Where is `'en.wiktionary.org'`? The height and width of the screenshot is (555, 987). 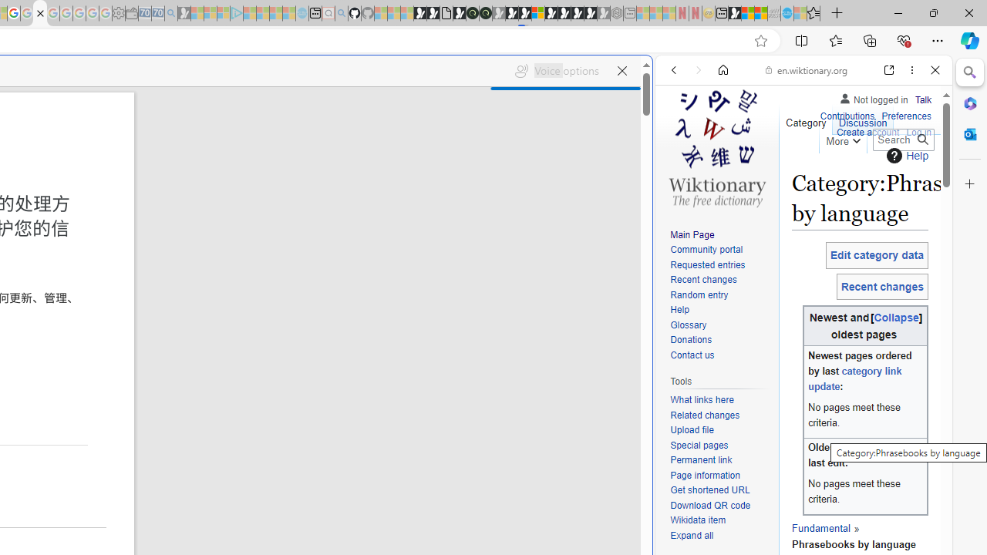 'en.wiktionary.org' is located at coordinates (806, 70).